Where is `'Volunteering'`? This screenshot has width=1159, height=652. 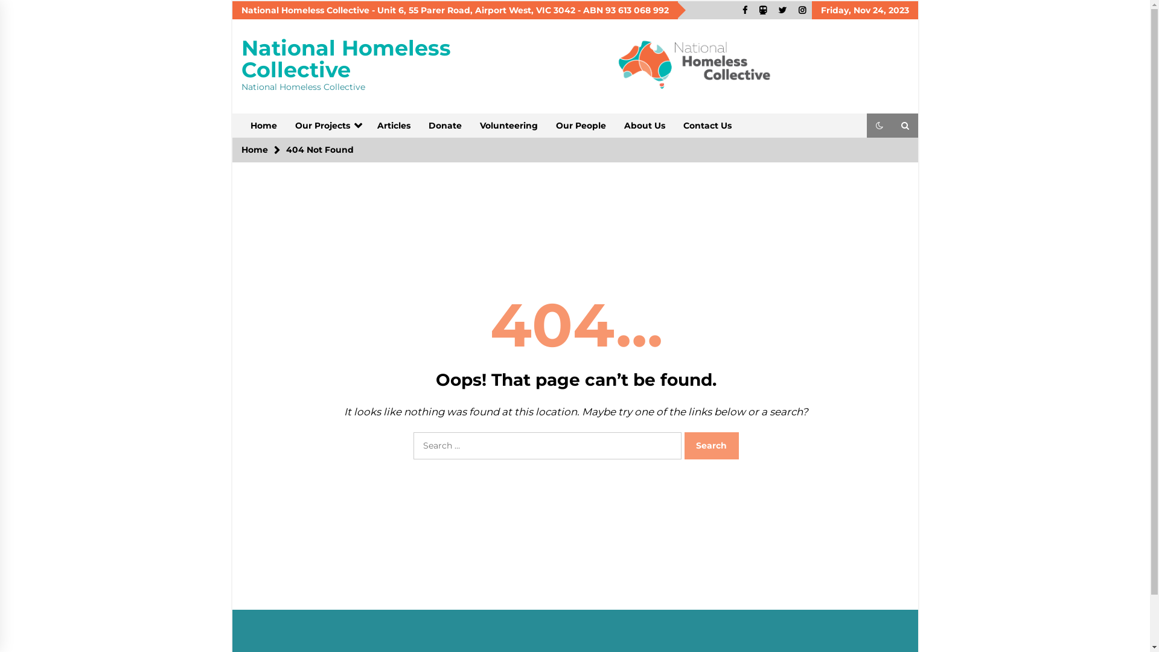 'Volunteering' is located at coordinates (509, 126).